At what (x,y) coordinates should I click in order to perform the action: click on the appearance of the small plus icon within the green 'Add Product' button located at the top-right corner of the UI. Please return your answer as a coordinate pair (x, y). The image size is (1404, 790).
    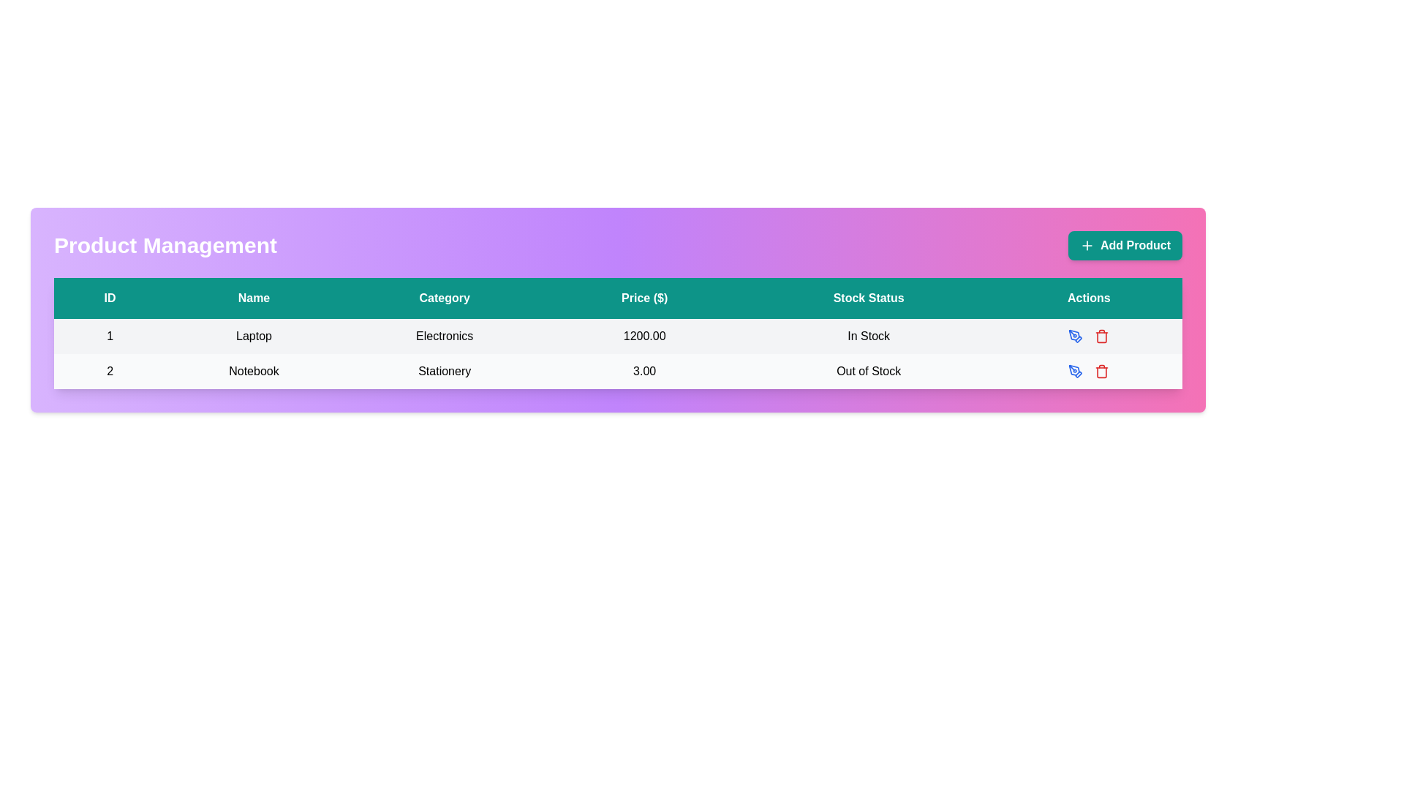
    Looking at the image, I should click on (1087, 244).